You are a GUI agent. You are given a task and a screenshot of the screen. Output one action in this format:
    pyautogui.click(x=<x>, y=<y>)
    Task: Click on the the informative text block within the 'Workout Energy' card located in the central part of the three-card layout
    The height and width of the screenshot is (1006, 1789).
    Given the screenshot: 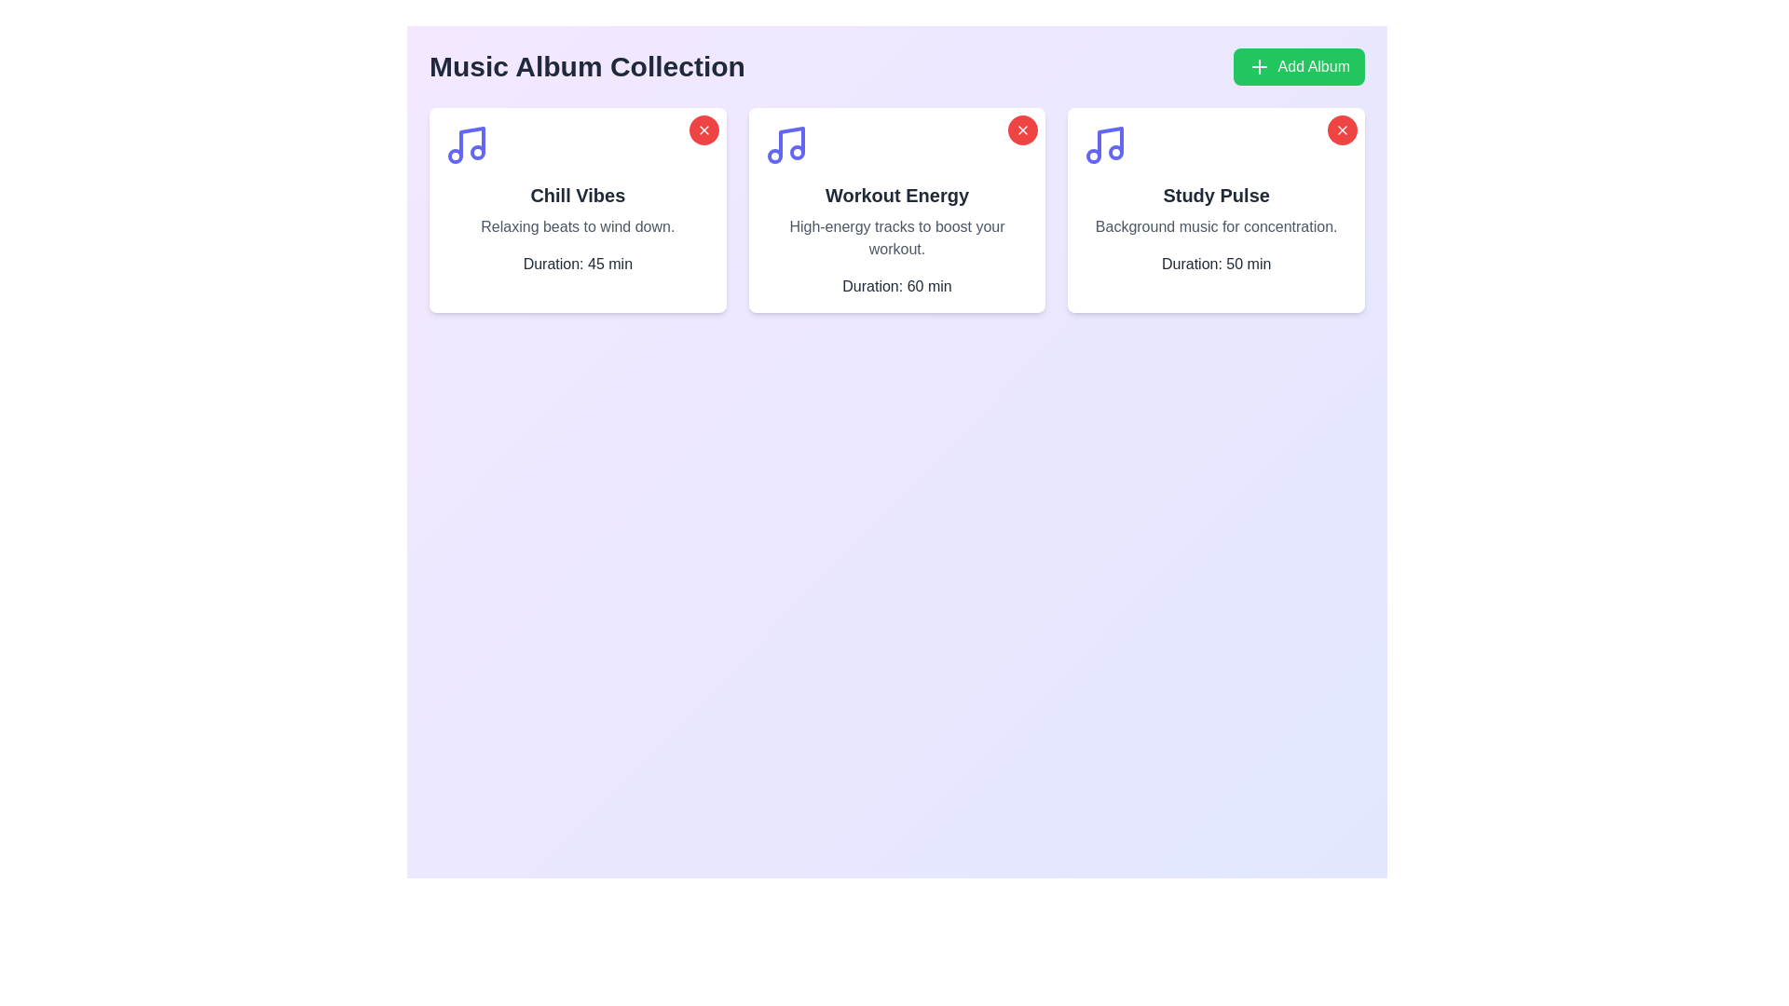 What is the action you would take?
    pyautogui.click(x=897, y=237)
    